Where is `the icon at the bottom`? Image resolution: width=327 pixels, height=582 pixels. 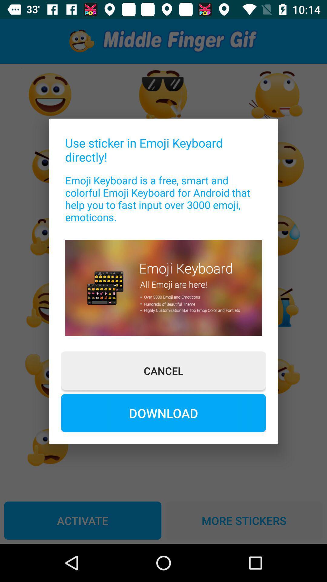
the icon at the bottom is located at coordinates (163, 413).